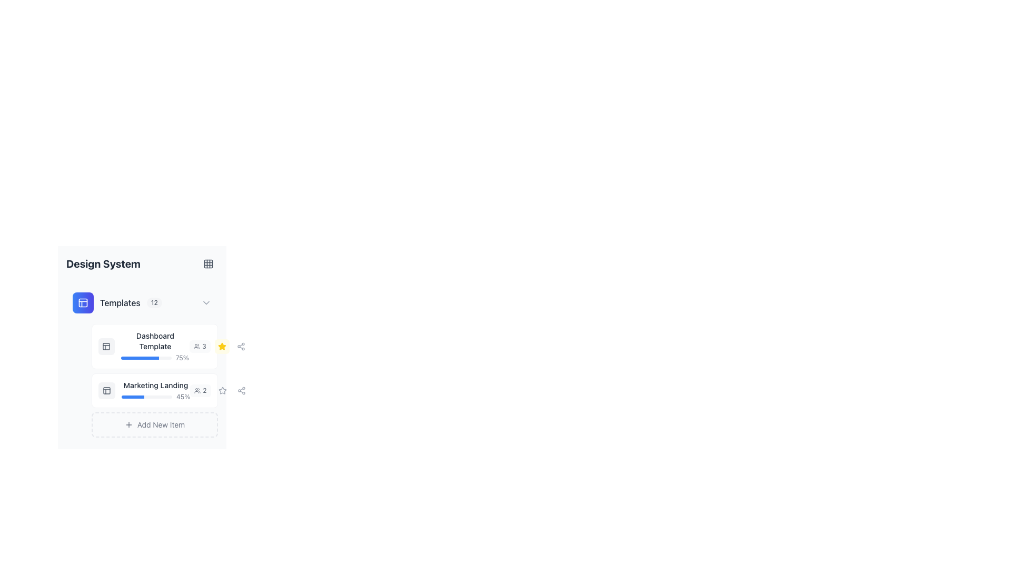 The width and height of the screenshot is (1011, 568). What do you see at coordinates (141, 361) in the screenshot?
I see `the progress value of the progress bar indicating a 75% completion rate for 'Dashboard Template', located under the 'Templates' section` at bounding box center [141, 361].